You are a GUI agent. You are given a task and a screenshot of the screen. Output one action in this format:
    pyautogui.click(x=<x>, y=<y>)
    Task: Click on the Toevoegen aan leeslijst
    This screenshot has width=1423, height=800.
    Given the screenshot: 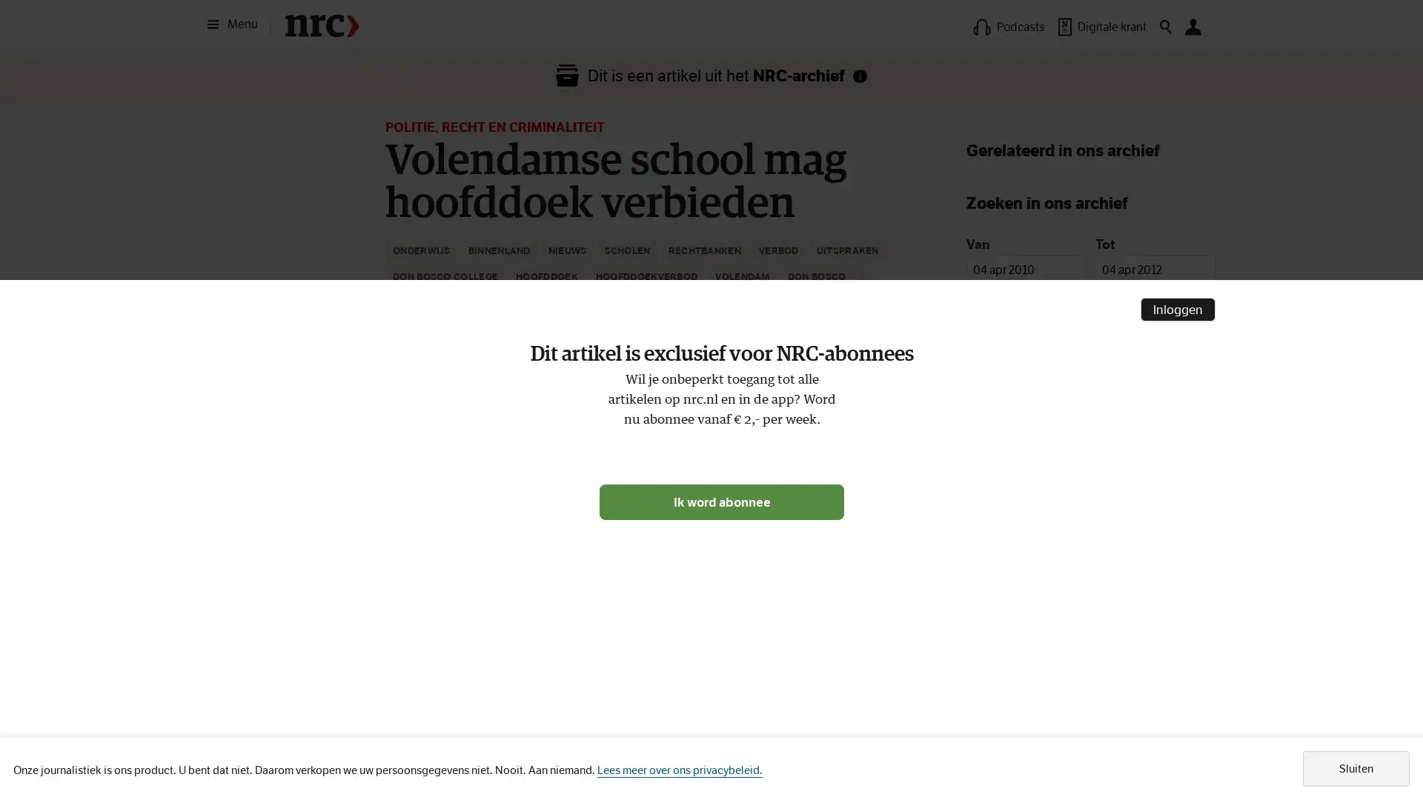 What is the action you would take?
    pyautogui.click(x=924, y=319)
    